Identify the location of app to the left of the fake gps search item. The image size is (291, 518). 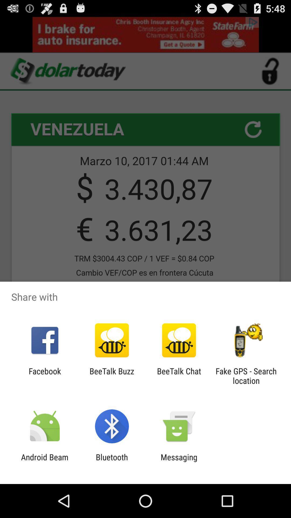
(179, 376).